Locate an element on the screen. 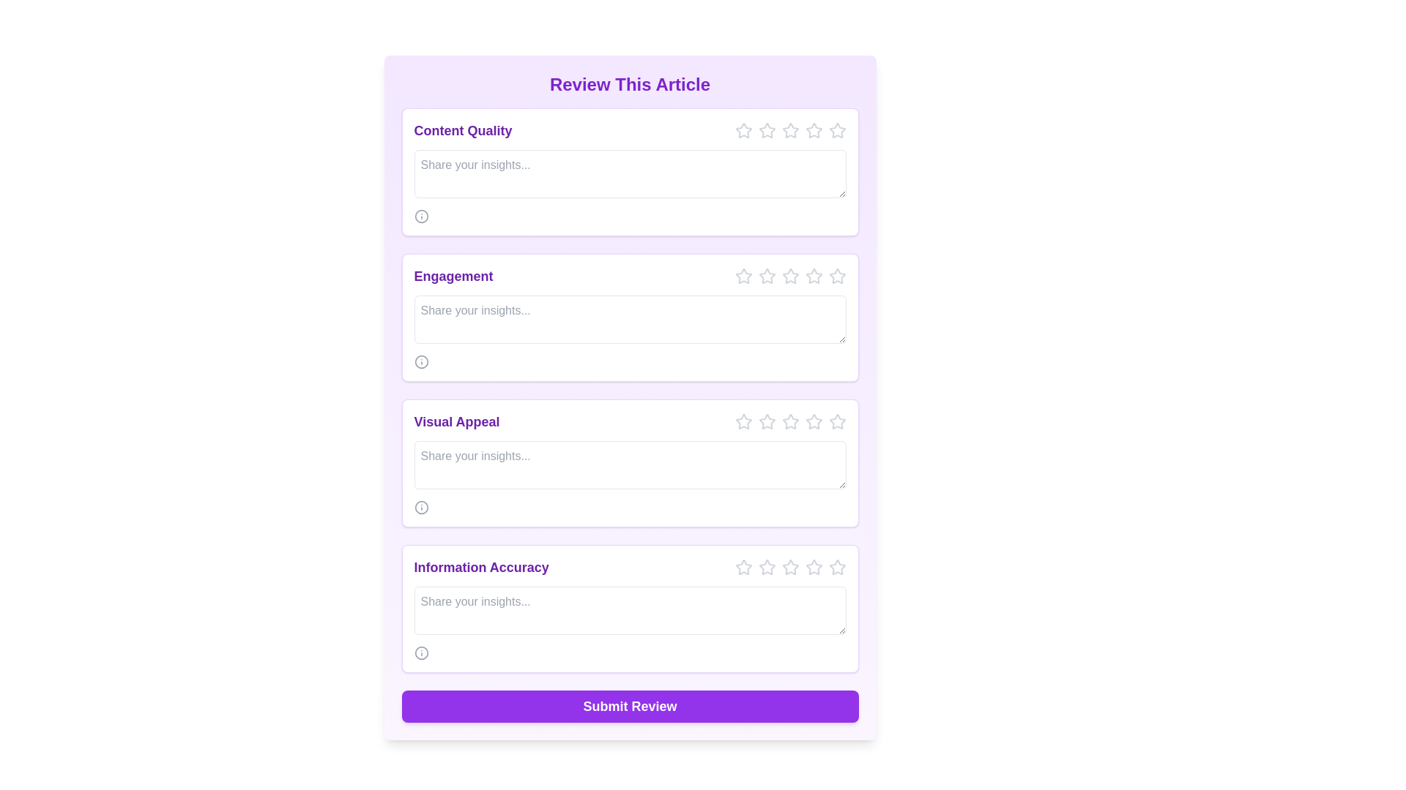  the rightmost star in the 'Engagement' feedback section is located at coordinates (836, 276).